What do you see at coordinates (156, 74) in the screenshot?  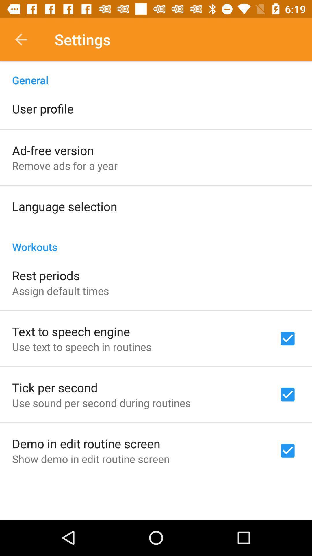 I see `the general item` at bounding box center [156, 74].